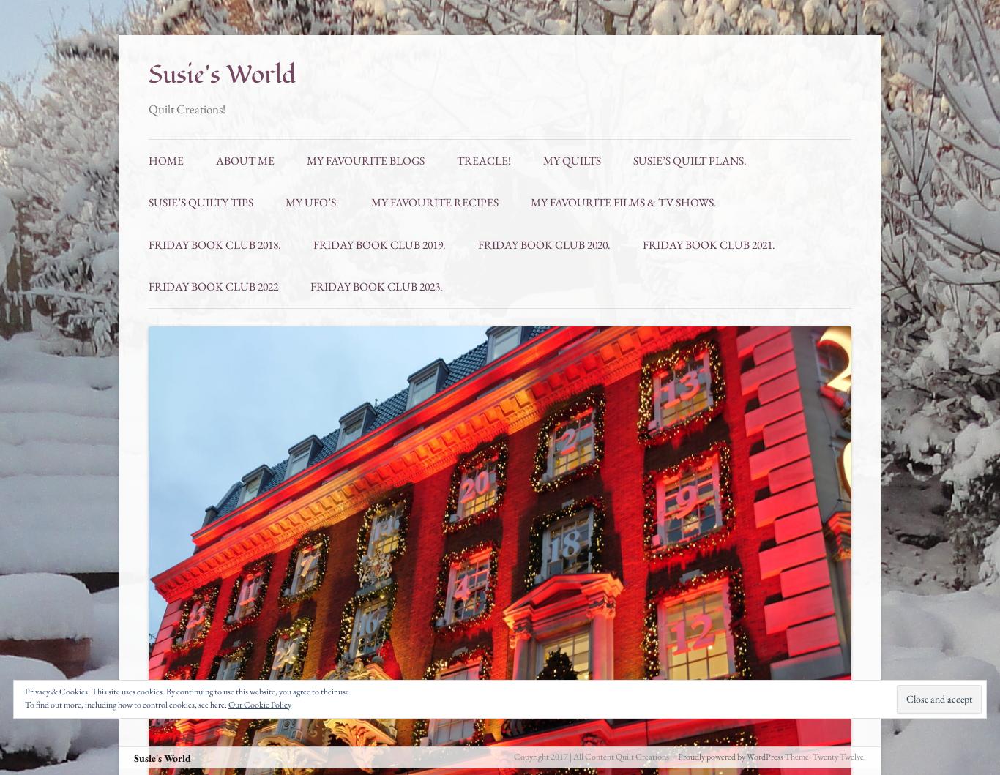 This screenshot has width=1000, height=775. Describe the element at coordinates (572, 160) in the screenshot. I see `'My Quilts'` at that location.